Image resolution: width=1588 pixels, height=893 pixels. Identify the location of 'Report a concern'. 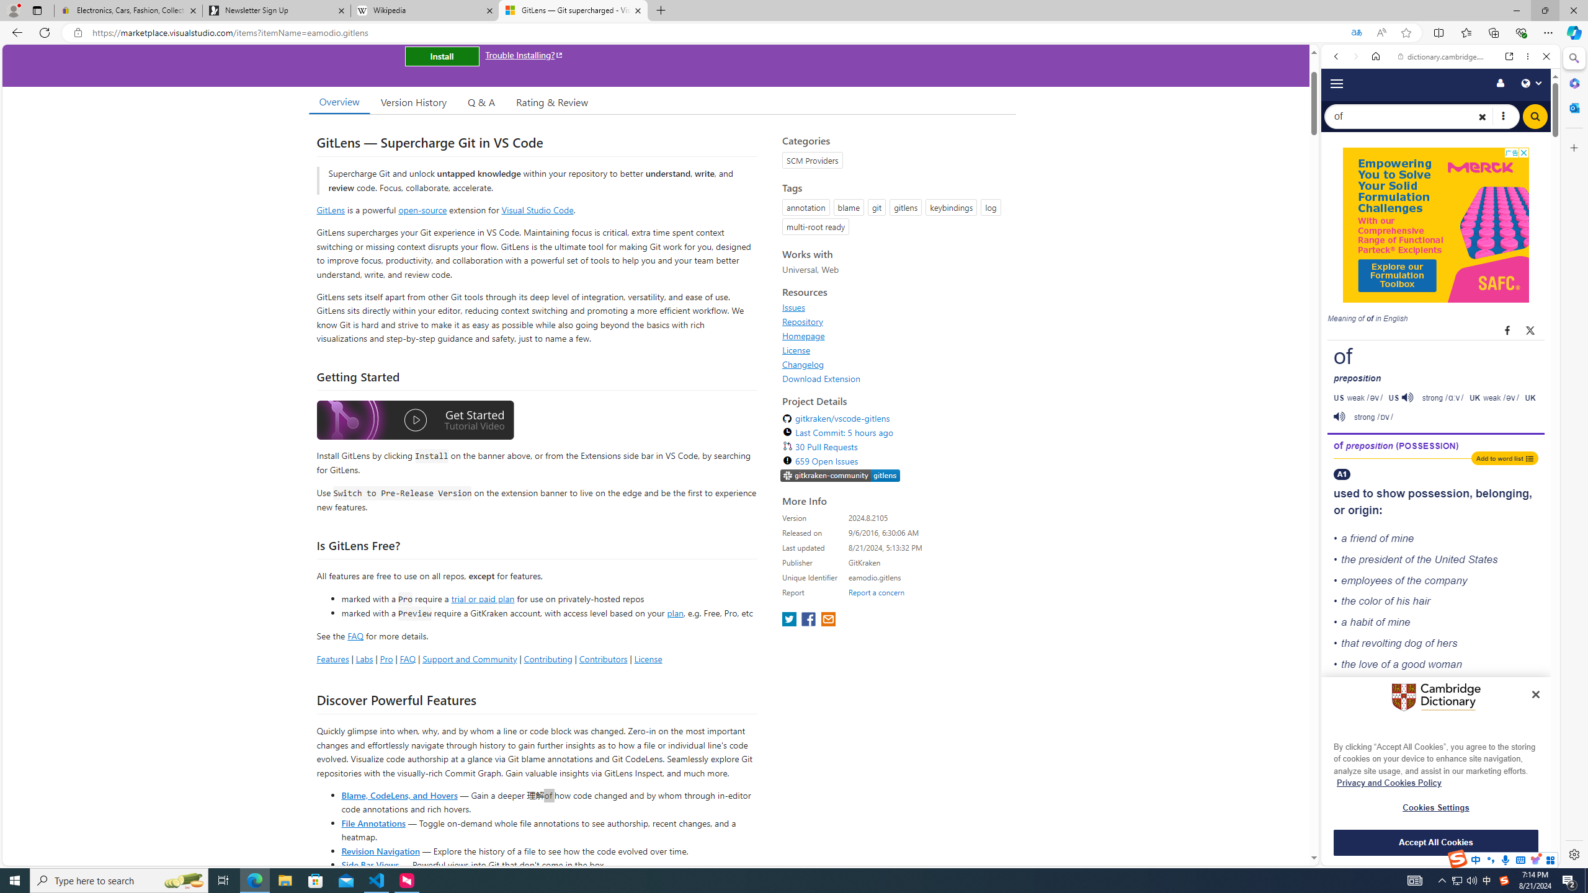
(877, 592).